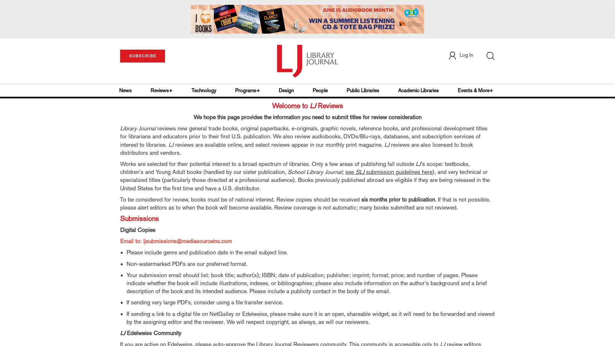 This screenshot has height=346, width=615. What do you see at coordinates (142, 55) in the screenshot?
I see `SUBSCRIBE` at bounding box center [142, 55].